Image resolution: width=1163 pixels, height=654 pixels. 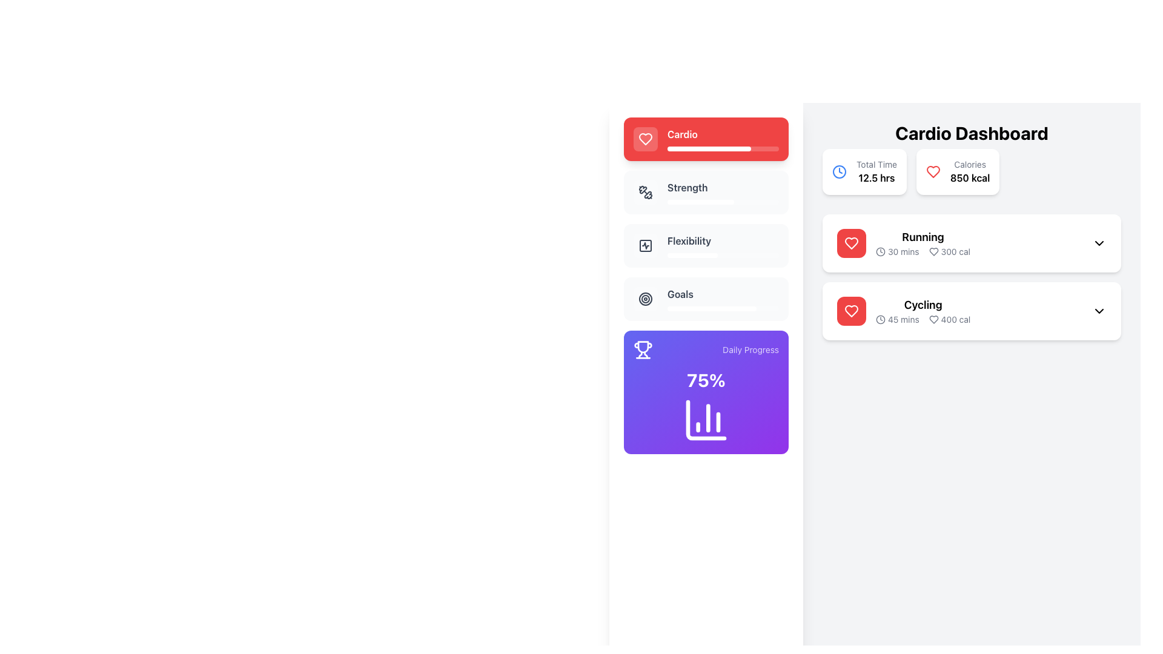 I want to click on the bar chart icon located on the 'Daily Progress' card, which features a gradient background and a trophy icon in the top-left corner, so click(x=706, y=392).